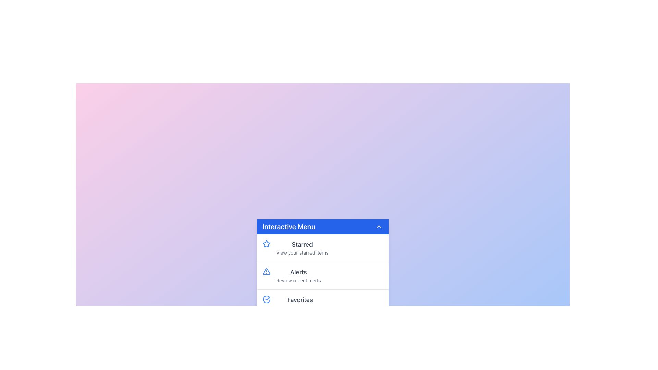 This screenshot has width=658, height=370. I want to click on the text label displaying 'Review recent alerts' located beneath the 'Alerts' heading in the menu interface, so click(298, 280).